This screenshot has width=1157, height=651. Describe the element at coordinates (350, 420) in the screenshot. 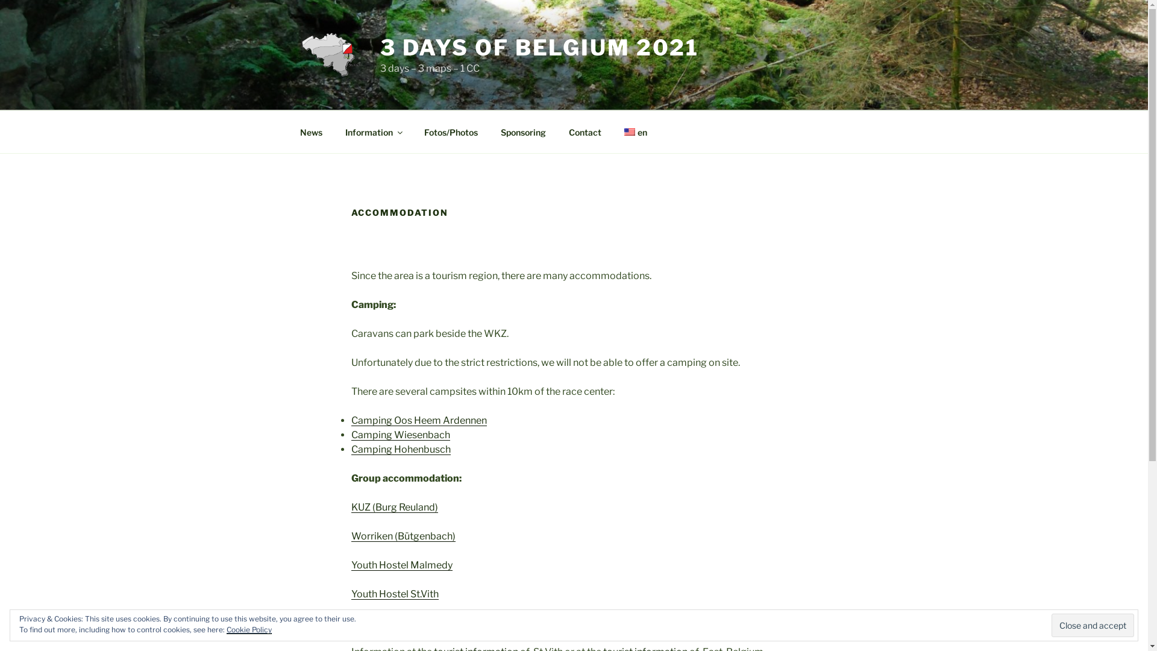

I see `'Camping Oos Heem Ardennen'` at that location.